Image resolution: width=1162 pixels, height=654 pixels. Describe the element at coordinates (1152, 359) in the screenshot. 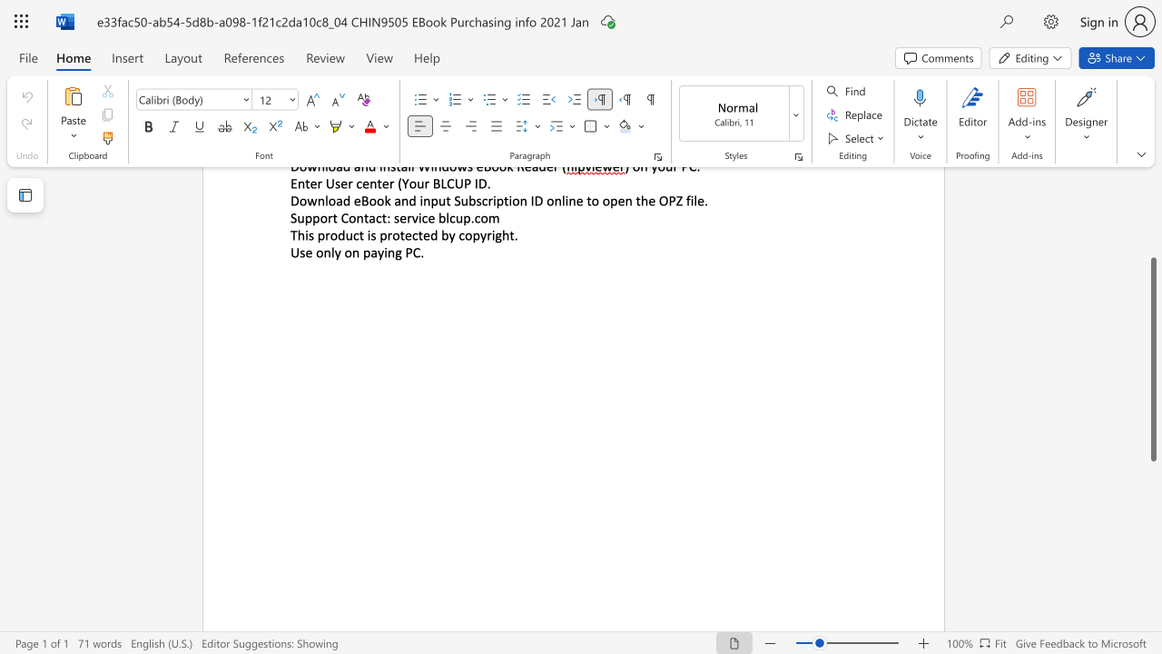

I see `the scrollbar and move up 200 pixels` at that location.